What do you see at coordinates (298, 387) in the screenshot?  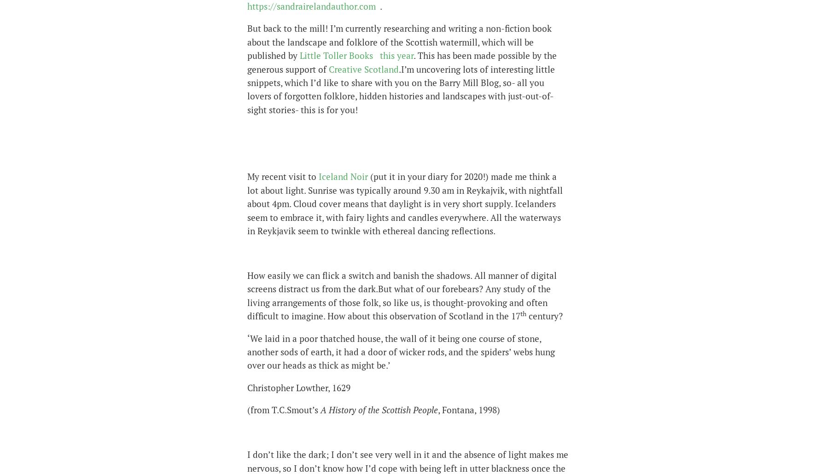 I see `'Christopher Lowther, 1629'` at bounding box center [298, 387].